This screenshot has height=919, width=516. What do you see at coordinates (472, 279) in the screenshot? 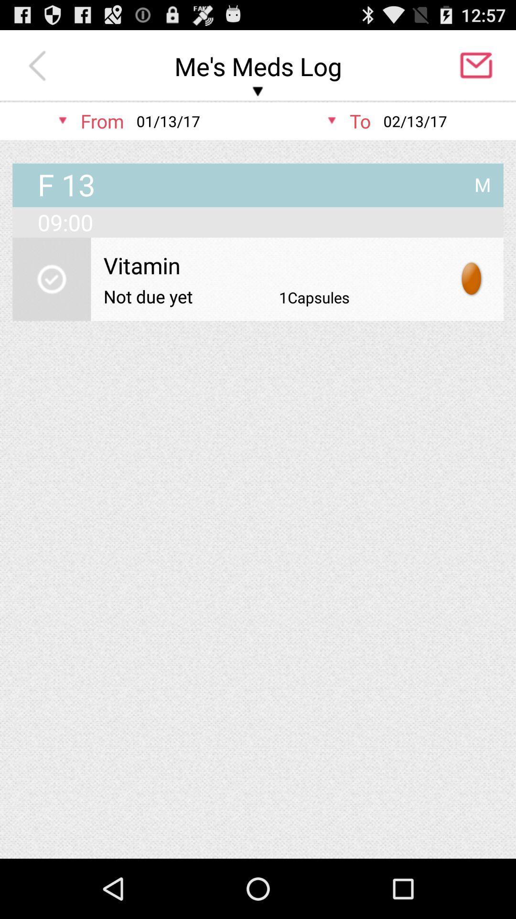
I see `item below 09:00 app` at bounding box center [472, 279].